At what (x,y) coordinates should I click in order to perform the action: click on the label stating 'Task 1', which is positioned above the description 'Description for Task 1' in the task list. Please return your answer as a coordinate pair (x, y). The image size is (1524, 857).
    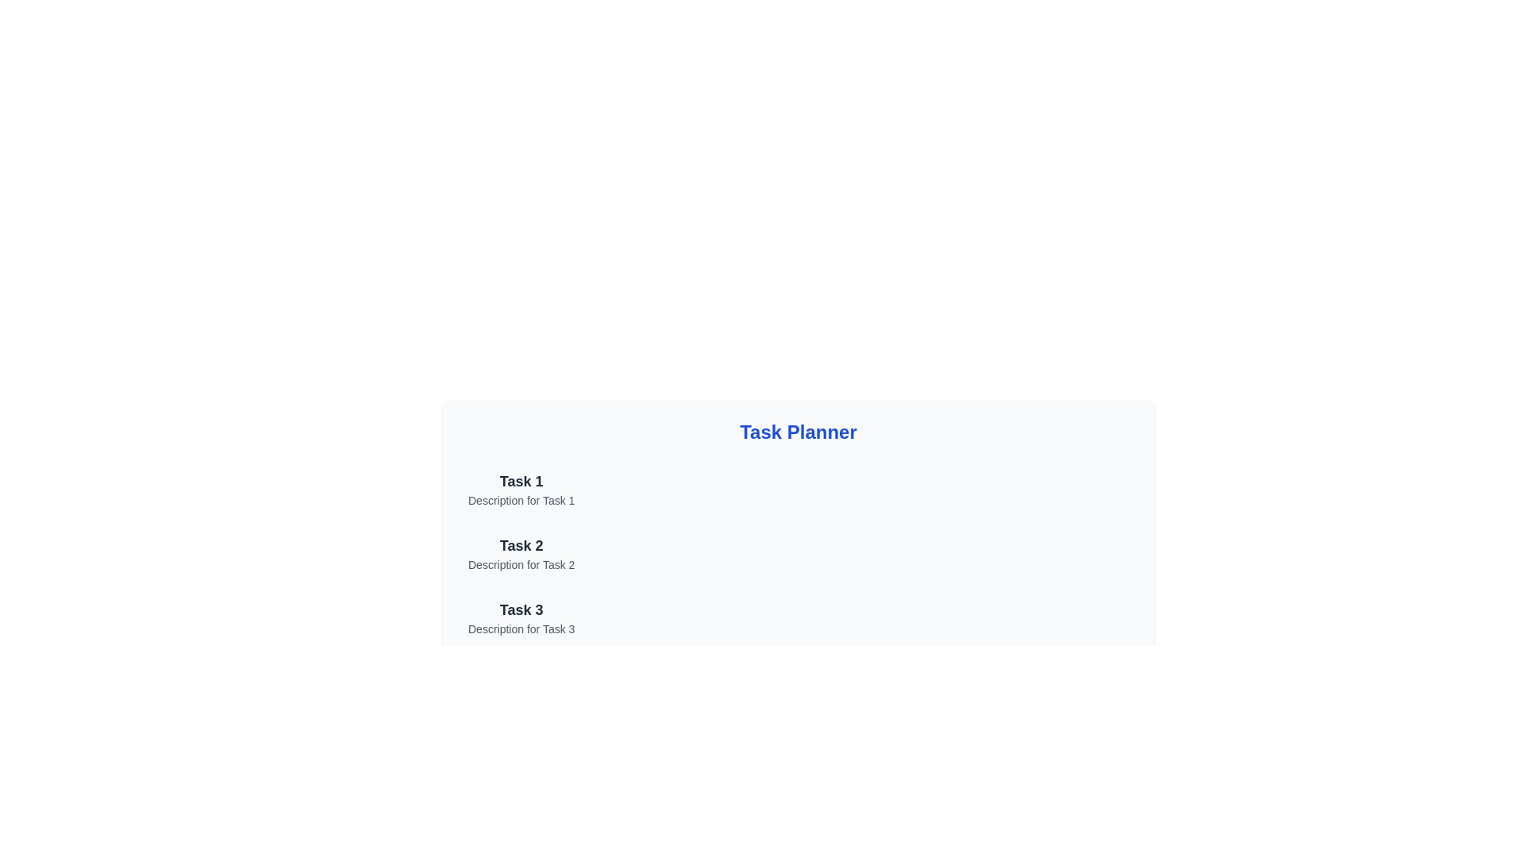
    Looking at the image, I should click on (521, 480).